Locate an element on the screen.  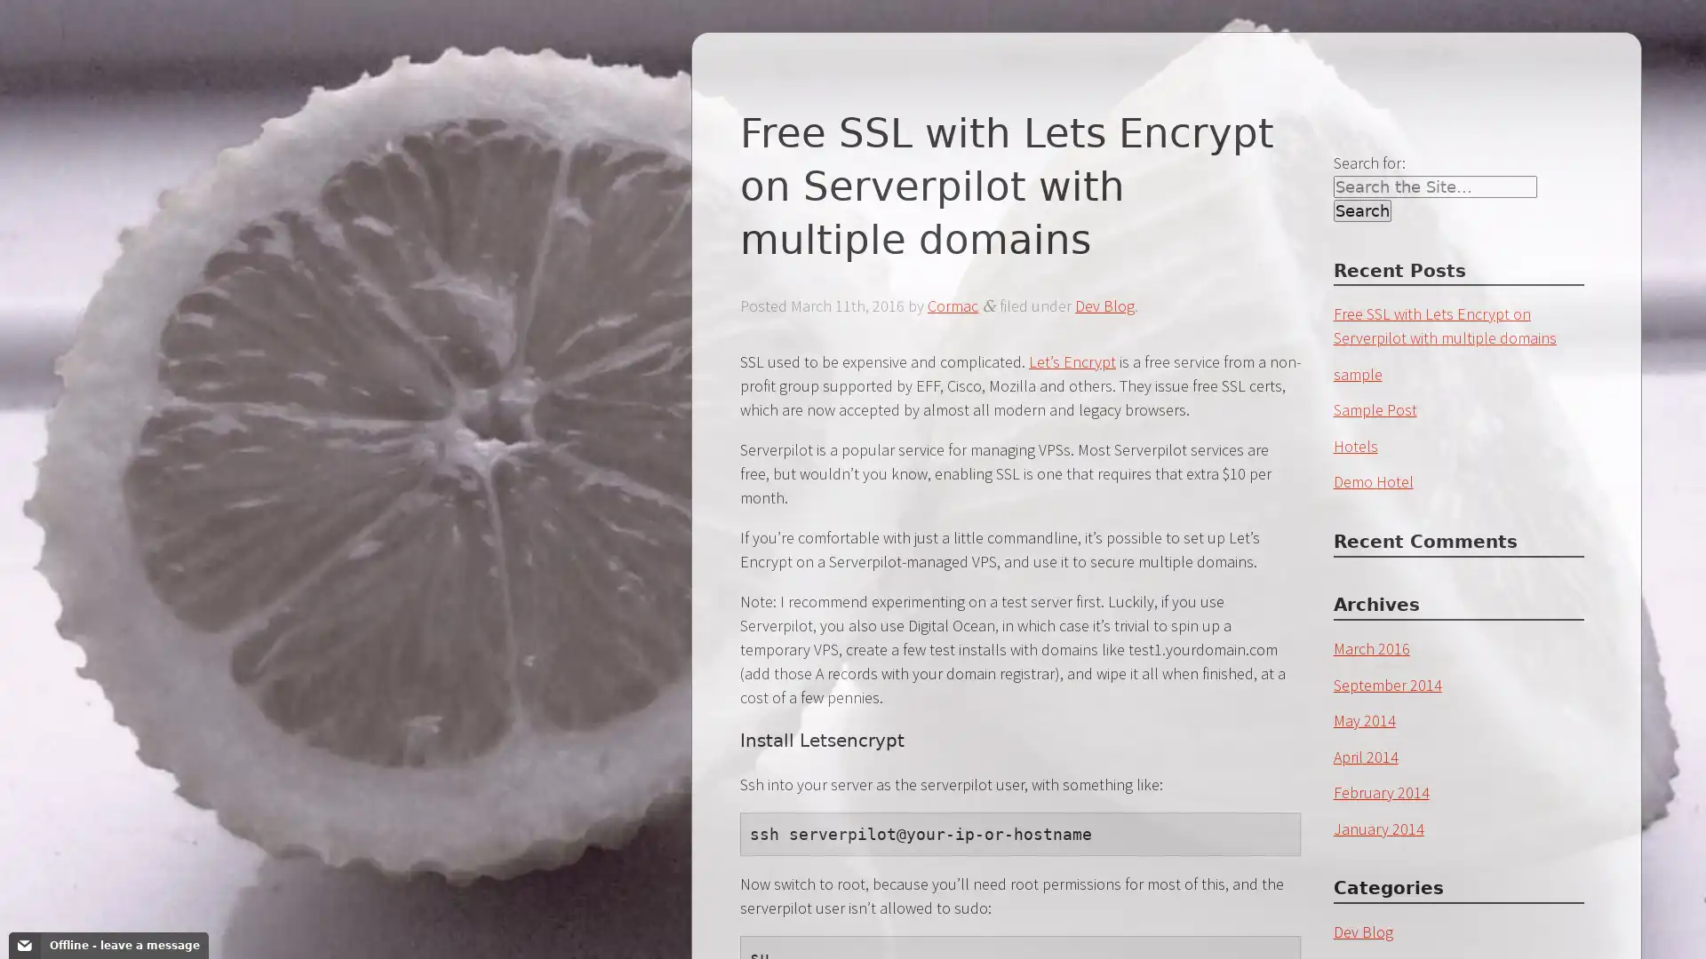
Search is located at coordinates (1360, 210).